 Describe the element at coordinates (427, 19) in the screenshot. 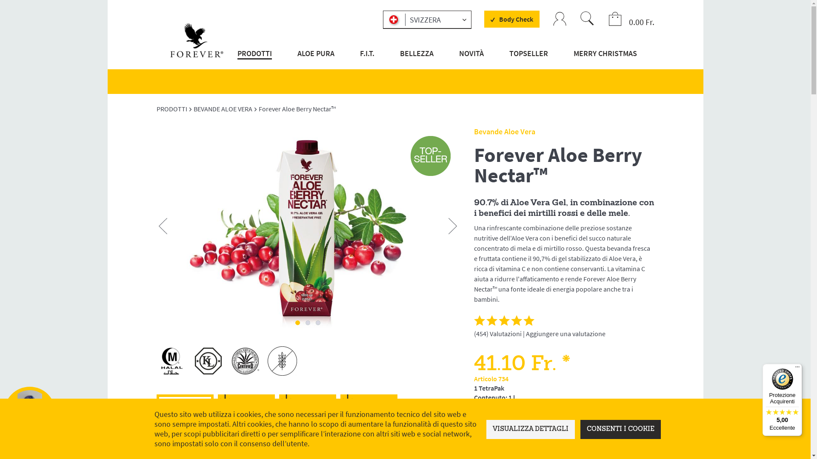

I see `'SVIZZERA'` at that location.